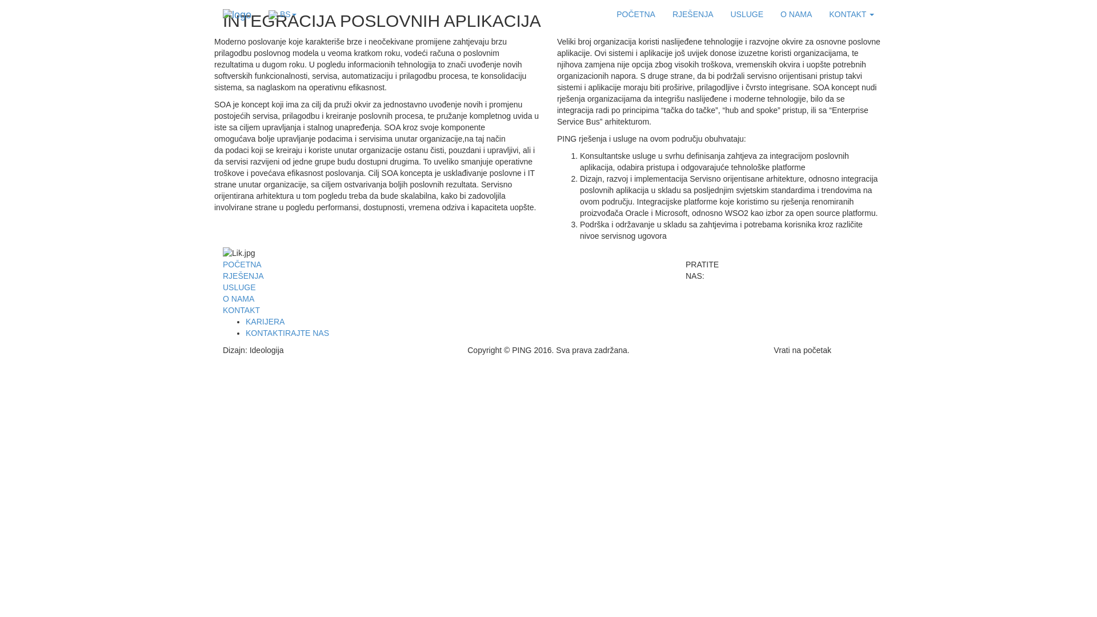 This screenshot has height=617, width=1097. I want to click on 'KONTAKT', so click(241, 310).